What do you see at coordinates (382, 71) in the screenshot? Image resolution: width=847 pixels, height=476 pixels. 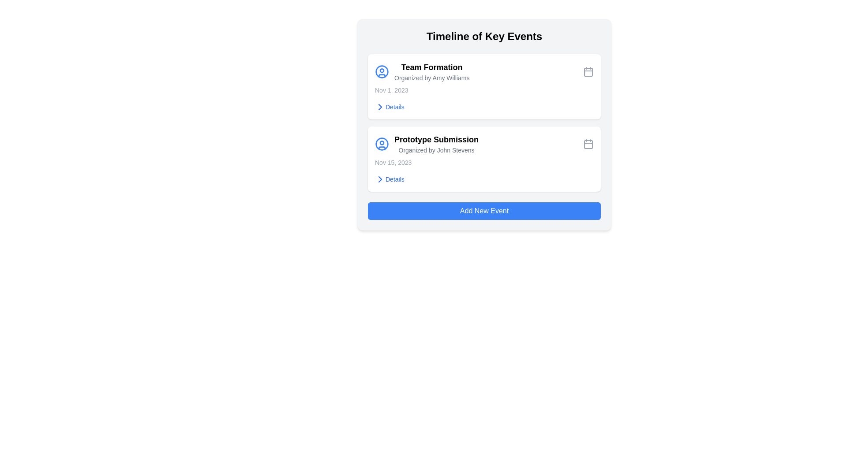 I see `the SVG circle graphical element representing a part of the user icon design located at the center of the blue user icon within the 'Prototype Submission' section of the timeline` at bounding box center [382, 71].